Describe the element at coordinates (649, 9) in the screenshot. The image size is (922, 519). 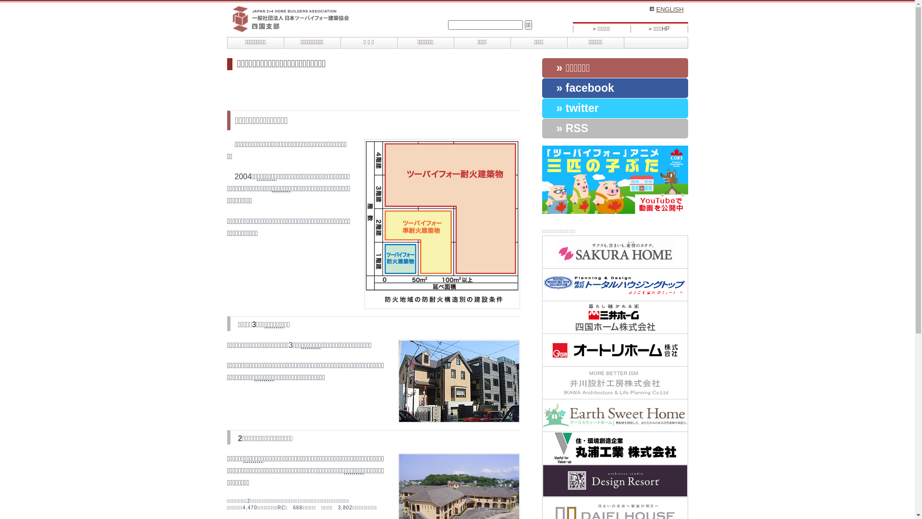
I see `'ENGLISH'` at that location.